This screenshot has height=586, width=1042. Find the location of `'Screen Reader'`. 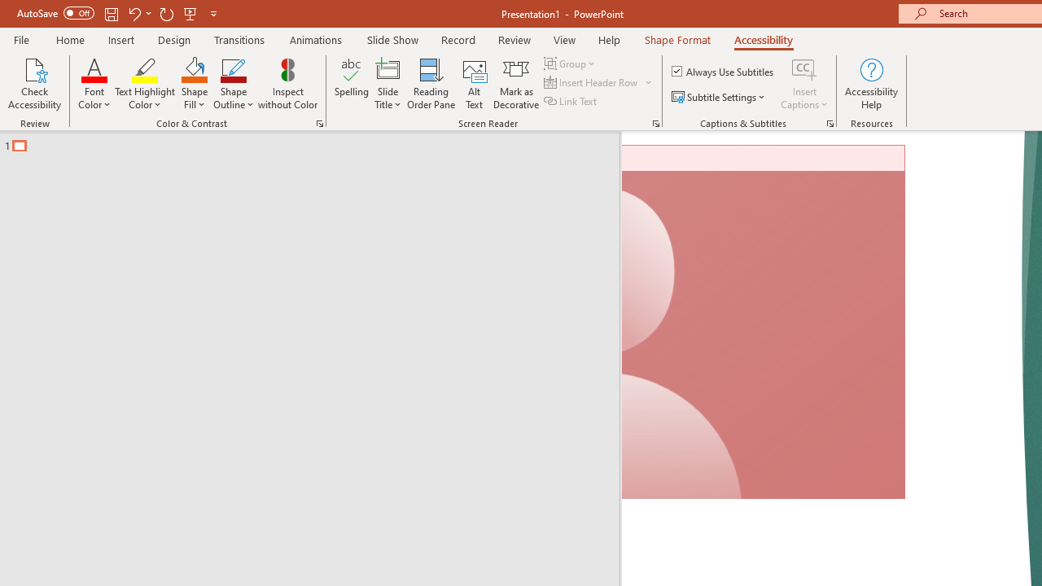

'Screen Reader' is located at coordinates (655, 122).